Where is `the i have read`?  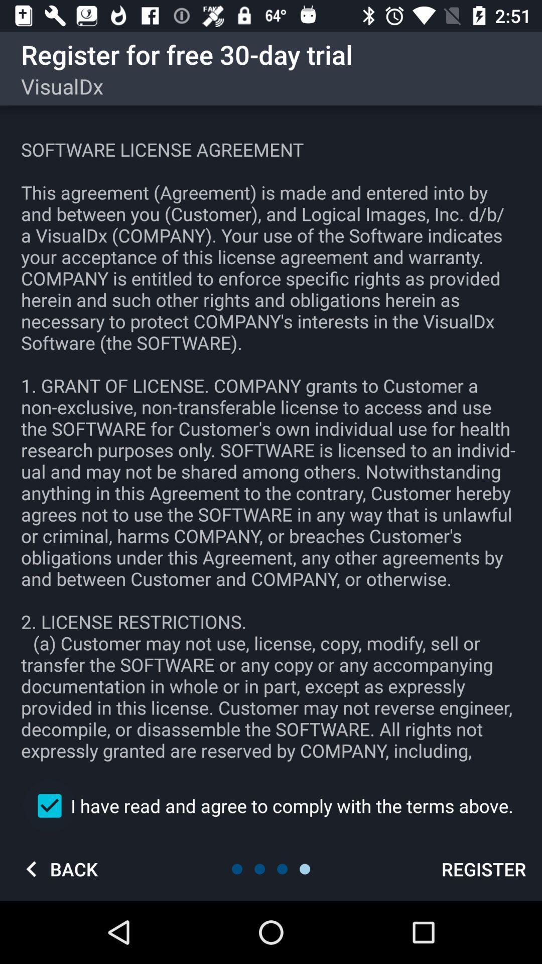
the i have read is located at coordinates (271, 805).